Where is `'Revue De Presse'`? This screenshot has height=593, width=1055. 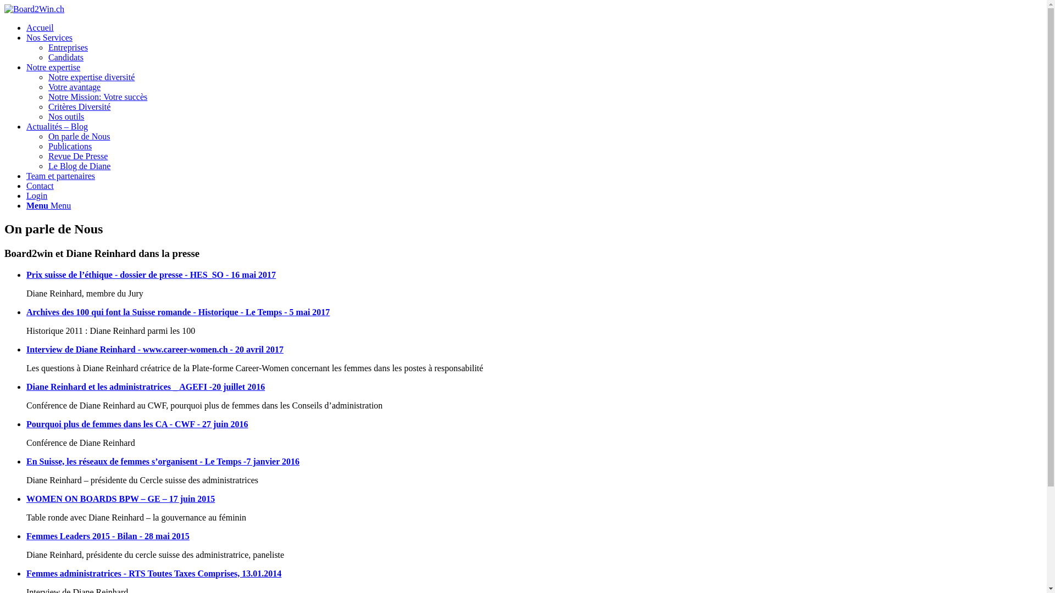
'Revue De Presse' is located at coordinates (77, 156).